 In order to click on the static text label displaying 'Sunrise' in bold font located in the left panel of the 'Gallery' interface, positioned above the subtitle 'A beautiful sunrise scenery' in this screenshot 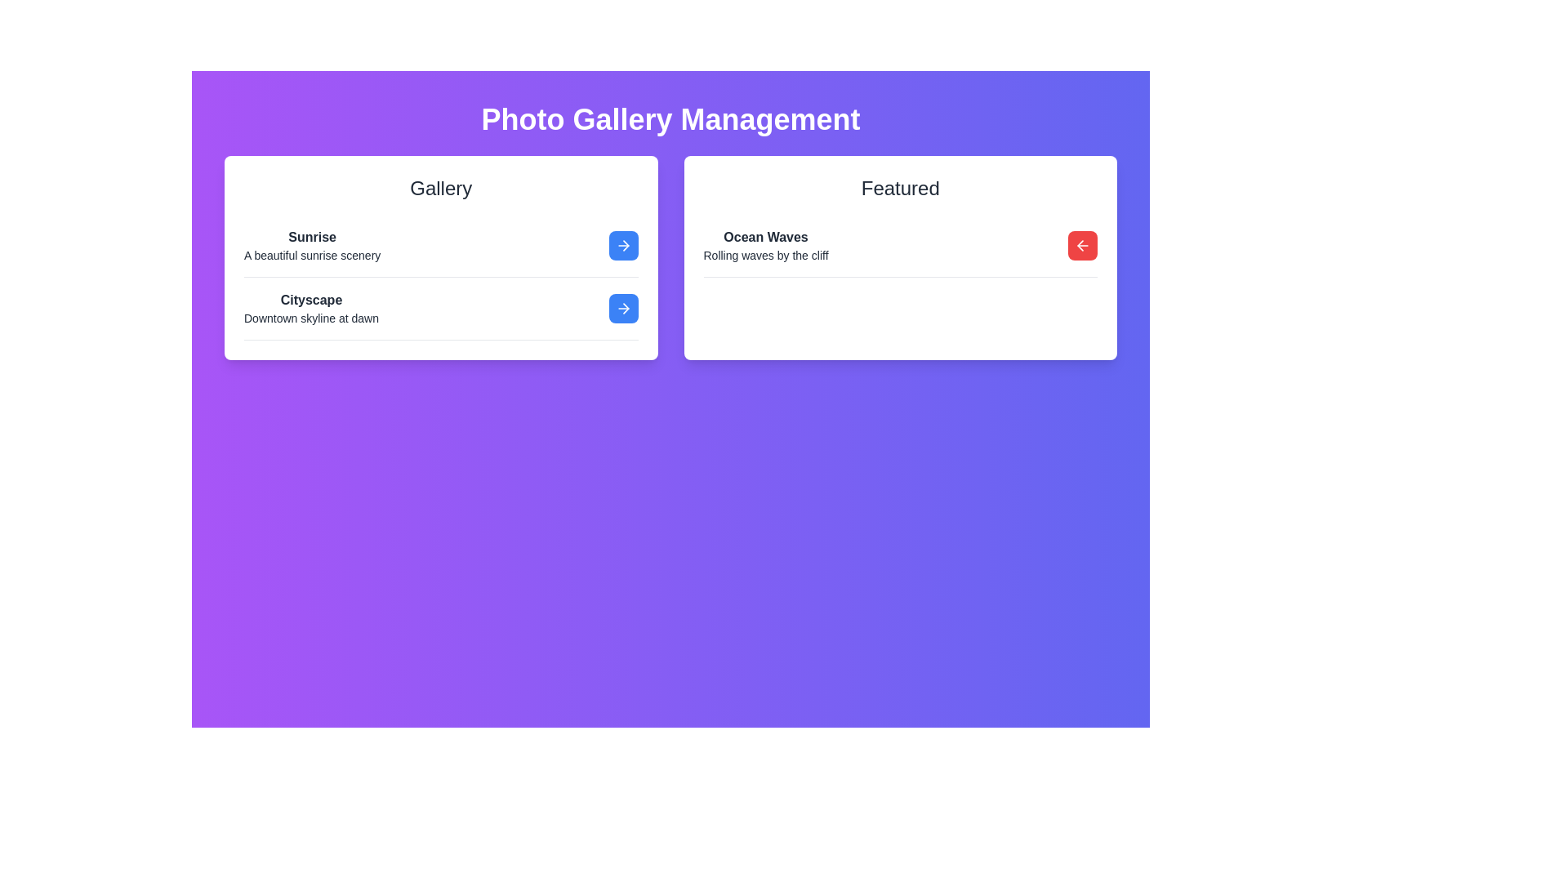, I will do `click(312, 237)`.